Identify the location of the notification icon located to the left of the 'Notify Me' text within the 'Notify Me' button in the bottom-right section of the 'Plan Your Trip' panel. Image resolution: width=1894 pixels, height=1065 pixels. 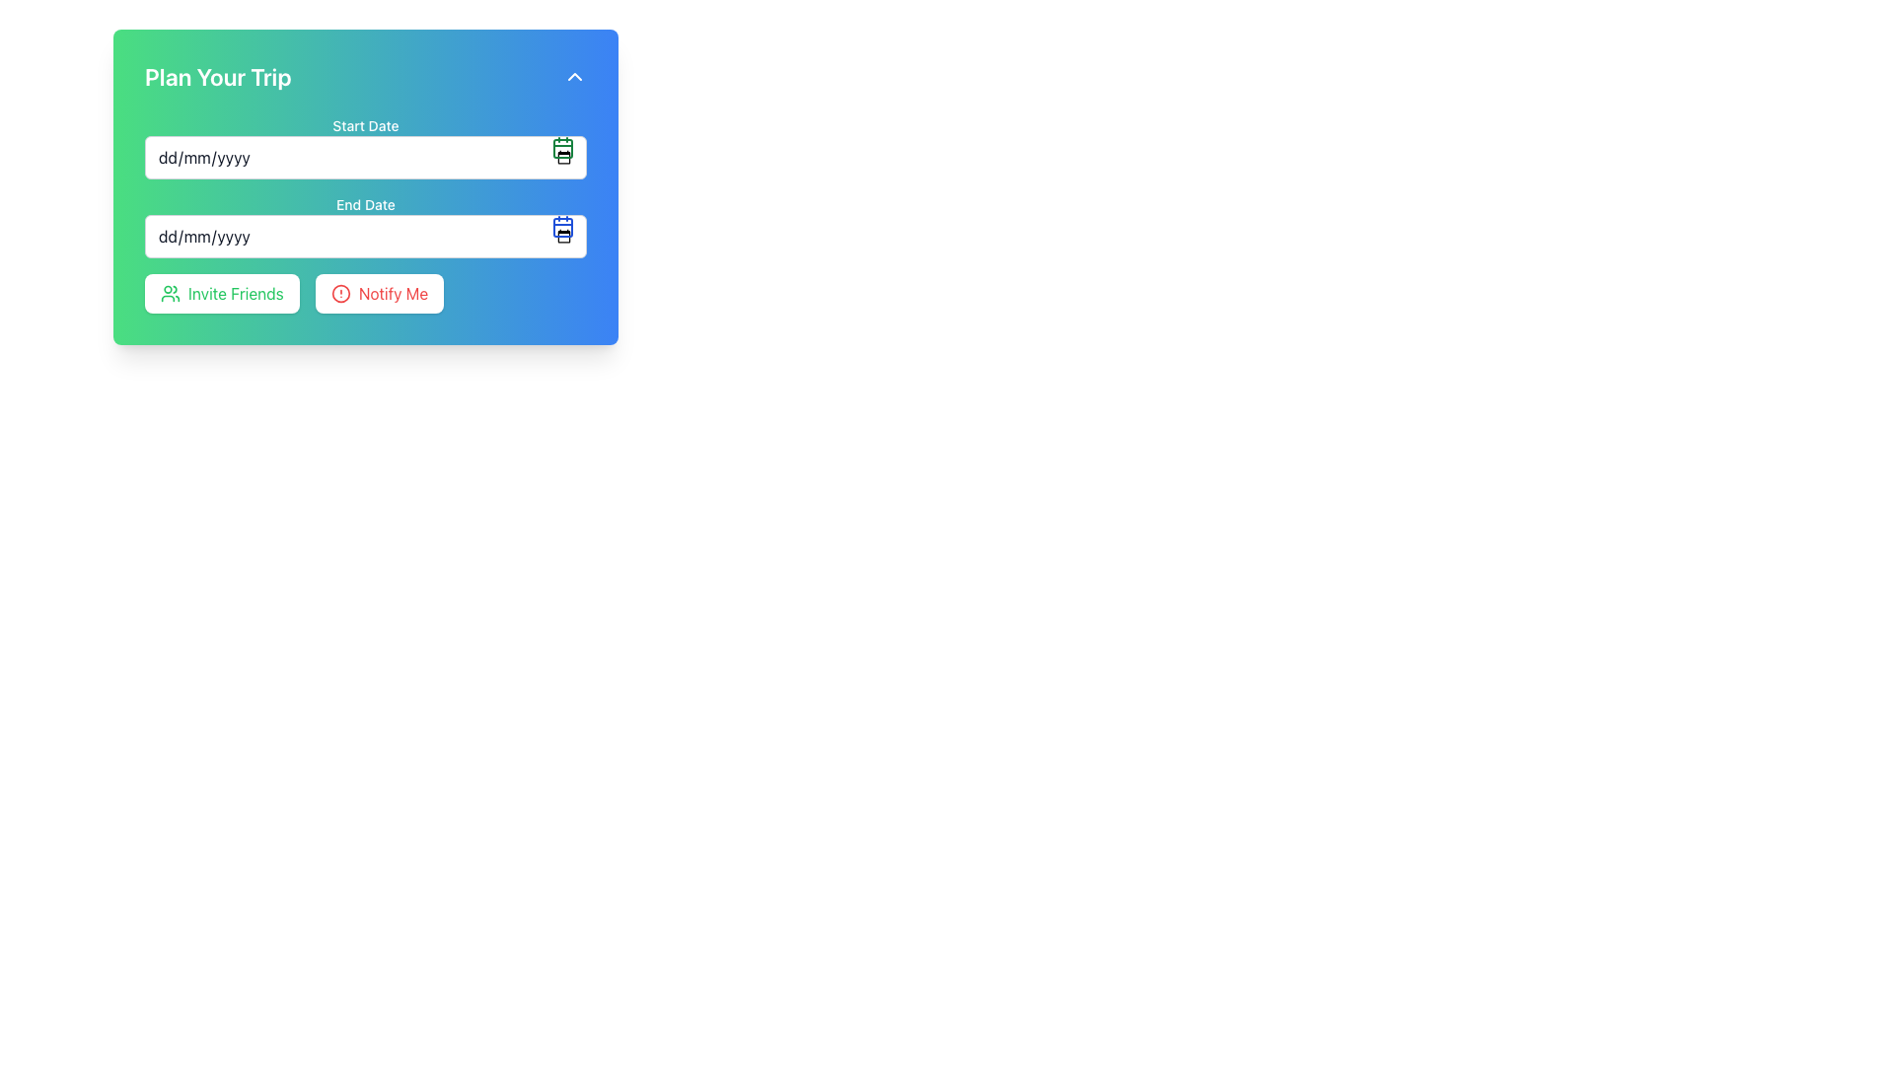
(340, 293).